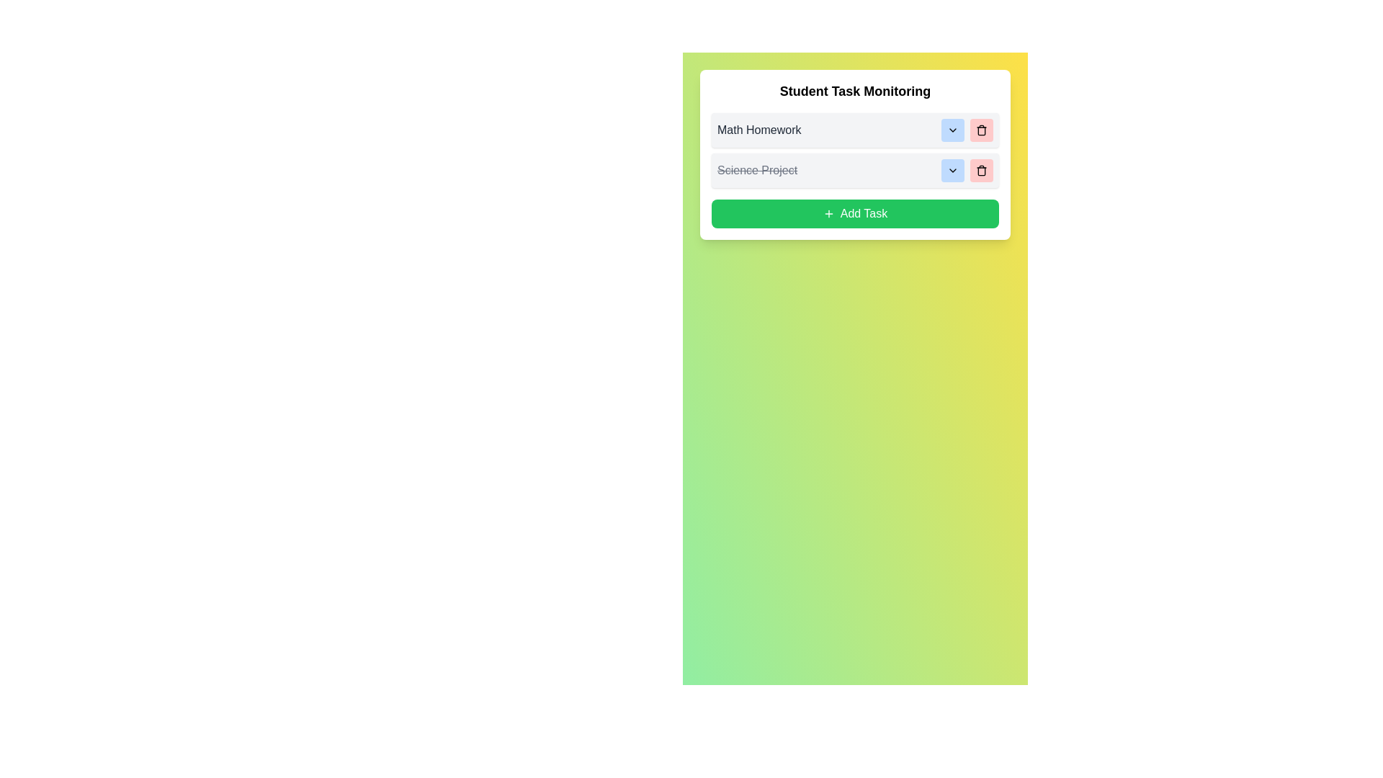 The height and width of the screenshot is (778, 1383). I want to click on the 'Math Homework' text label located in the upper portion of the card under the 'Student Task Monitoring' header if it is linked to a task detail, so click(758, 130).